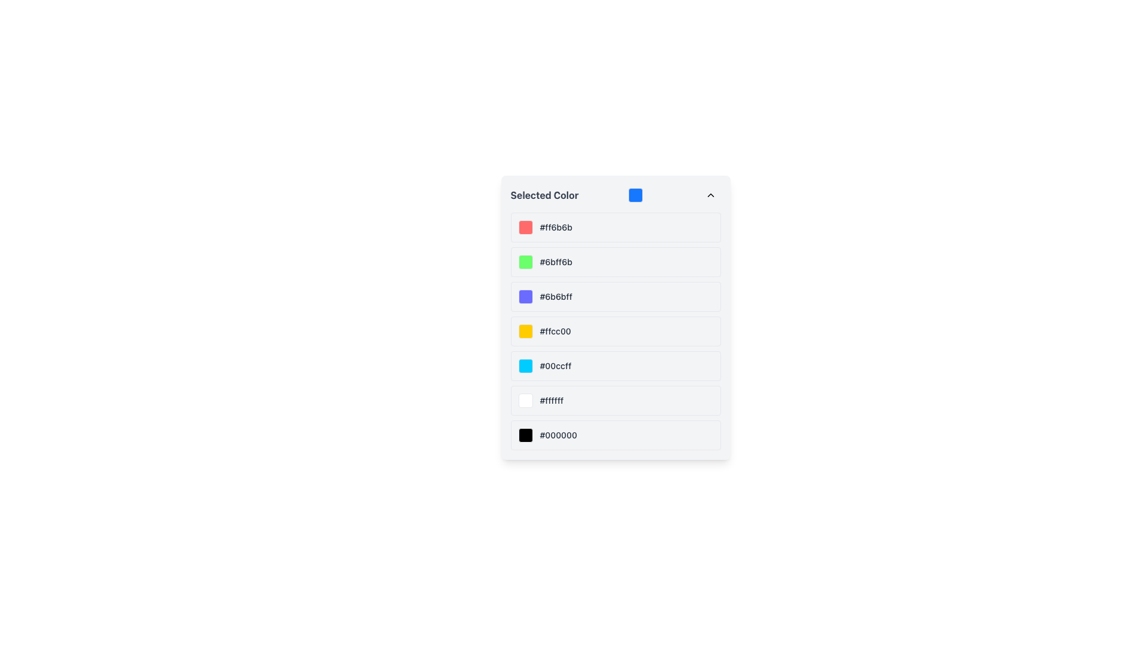 The height and width of the screenshot is (645, 1146). I want to click on the blue Color Indicator box with rounded corners located in the third row of color options, so click(525, 296).